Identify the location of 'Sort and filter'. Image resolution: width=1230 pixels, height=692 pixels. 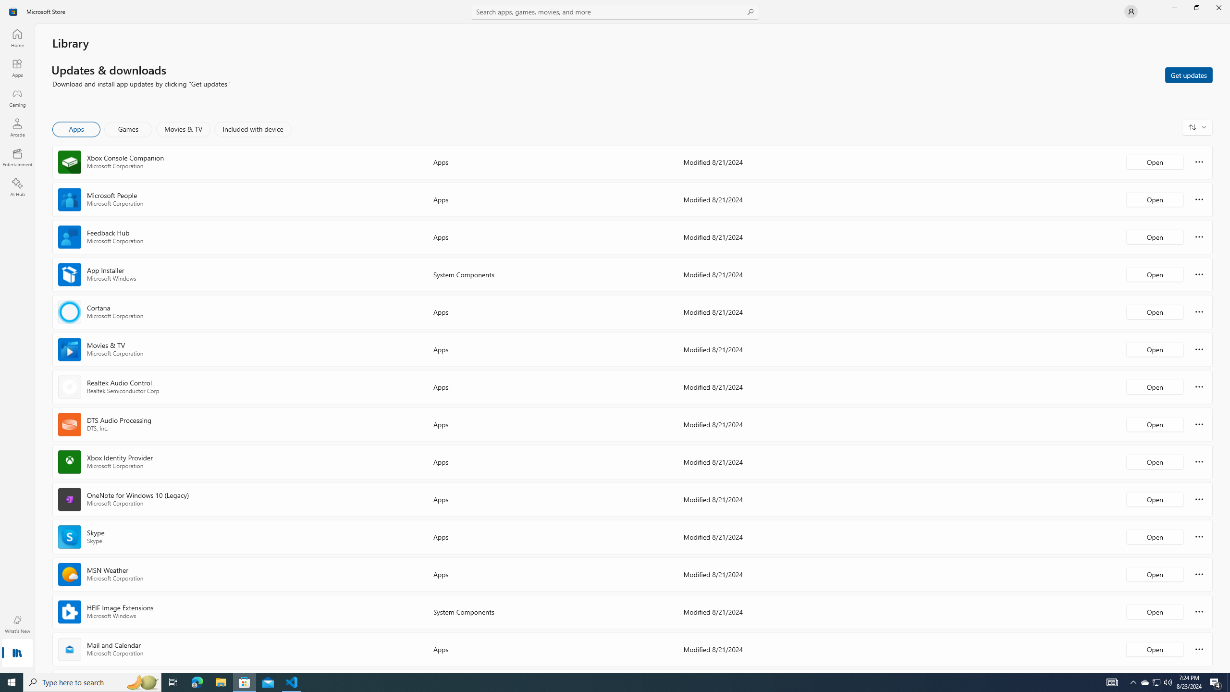
(1197, 127).